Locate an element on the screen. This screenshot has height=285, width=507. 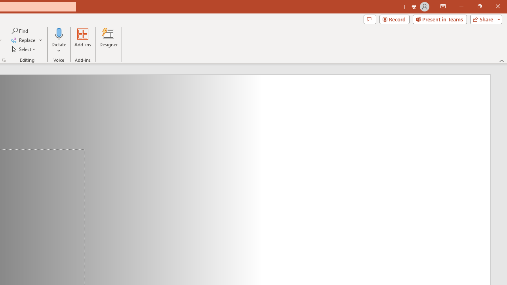
'Select' is located at coordinates (24, 49).